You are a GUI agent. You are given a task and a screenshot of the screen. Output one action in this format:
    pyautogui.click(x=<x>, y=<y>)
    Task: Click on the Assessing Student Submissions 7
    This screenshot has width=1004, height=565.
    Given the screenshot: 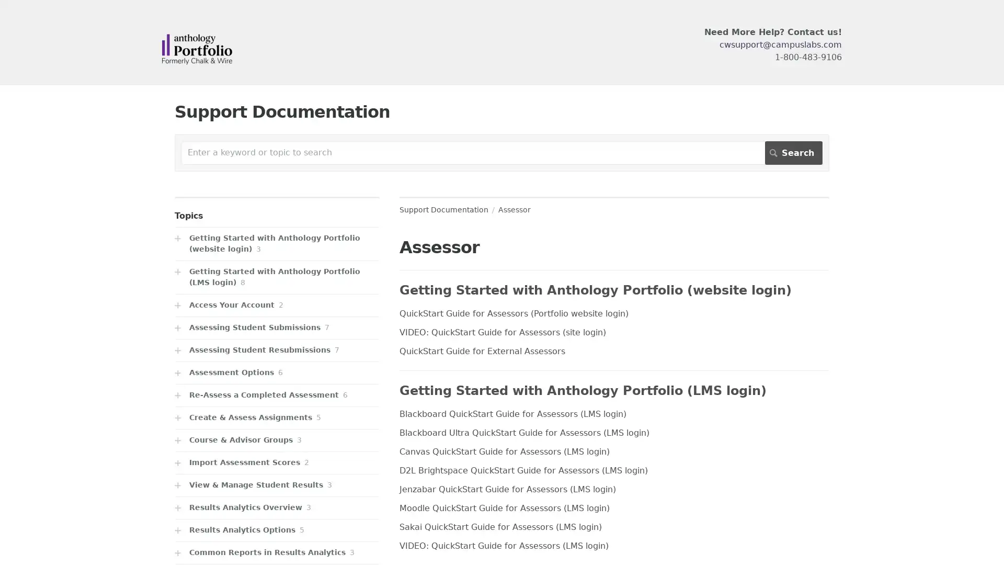 What is the action you would take?
    pyautogui.click(x=277, y=327)
    